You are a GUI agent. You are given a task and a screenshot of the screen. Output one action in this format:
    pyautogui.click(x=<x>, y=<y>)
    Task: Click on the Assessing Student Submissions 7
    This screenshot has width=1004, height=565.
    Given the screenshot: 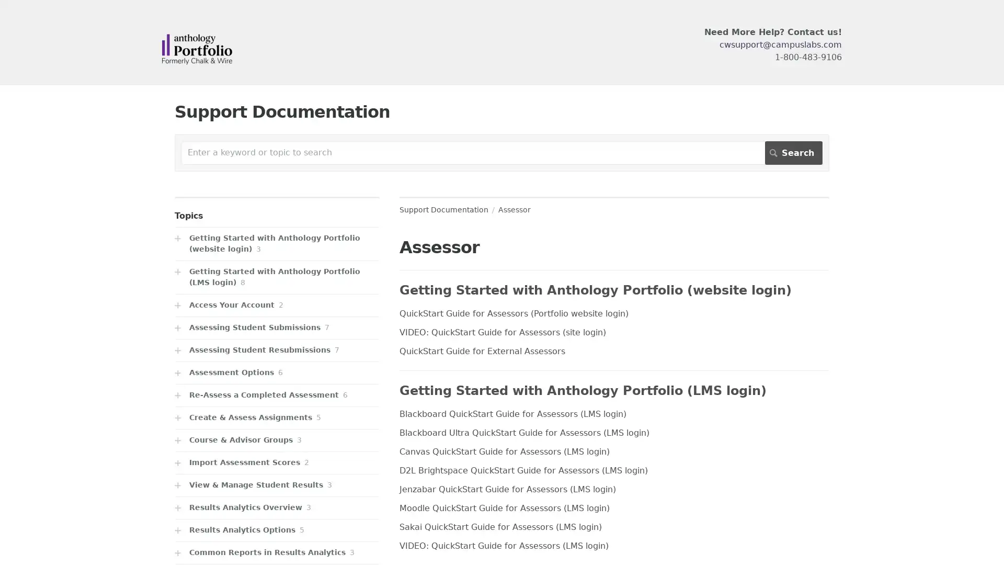 What is the action you would take?
    pyautogui.click(x=277, y=327)
    